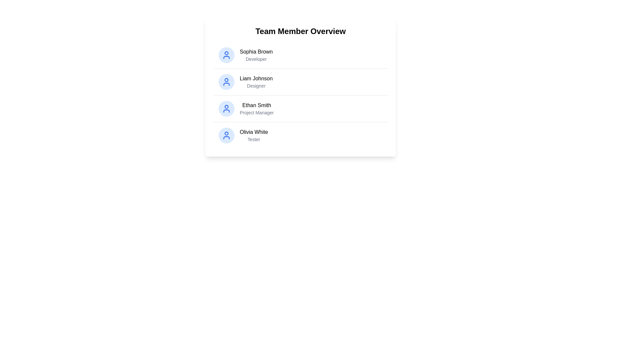 This screenshot has width=635, height=357. What do you see at coordinates (227, 55) in the screenshot?
I see `the user icon for 'Sophia Brown', located in the top-left area of the 'Team Member Overview' card, which is the first icon in a vertical list of user icons` at bounding box center [227, 55].